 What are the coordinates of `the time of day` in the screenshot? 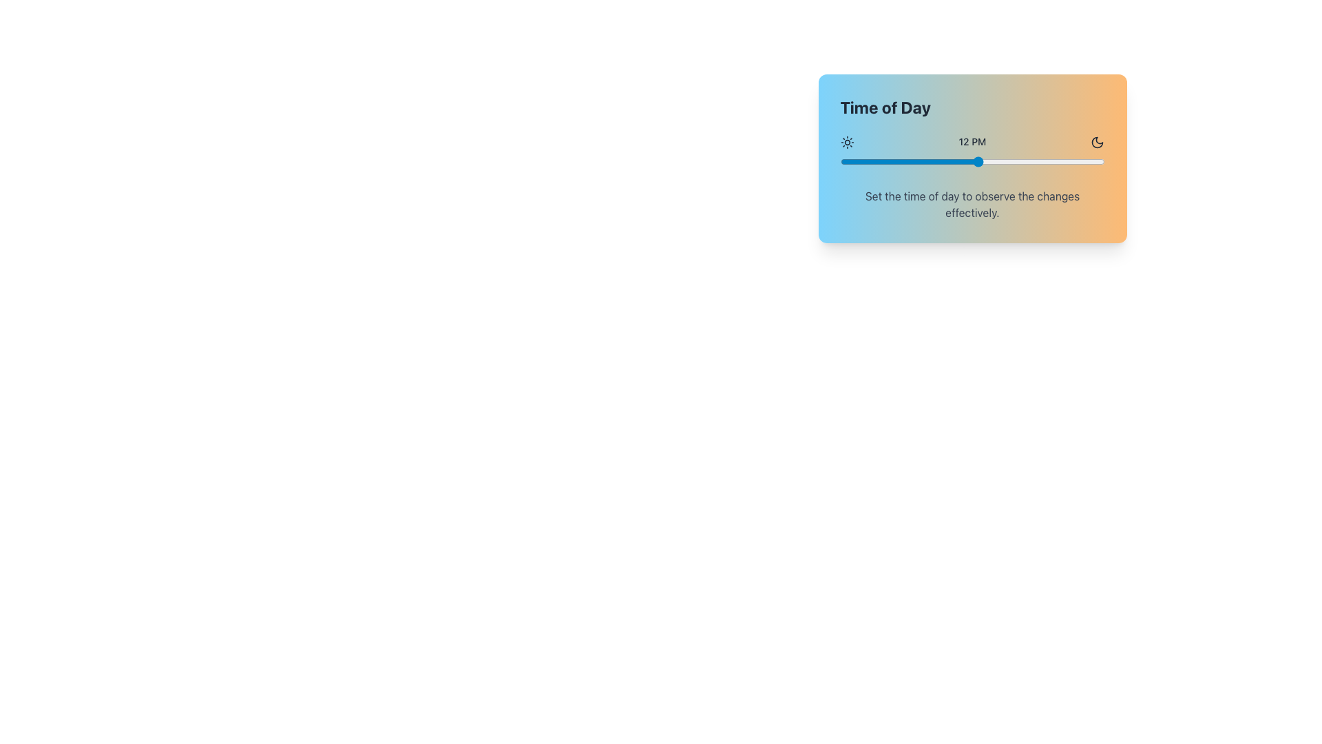 It's located at (862, 161).